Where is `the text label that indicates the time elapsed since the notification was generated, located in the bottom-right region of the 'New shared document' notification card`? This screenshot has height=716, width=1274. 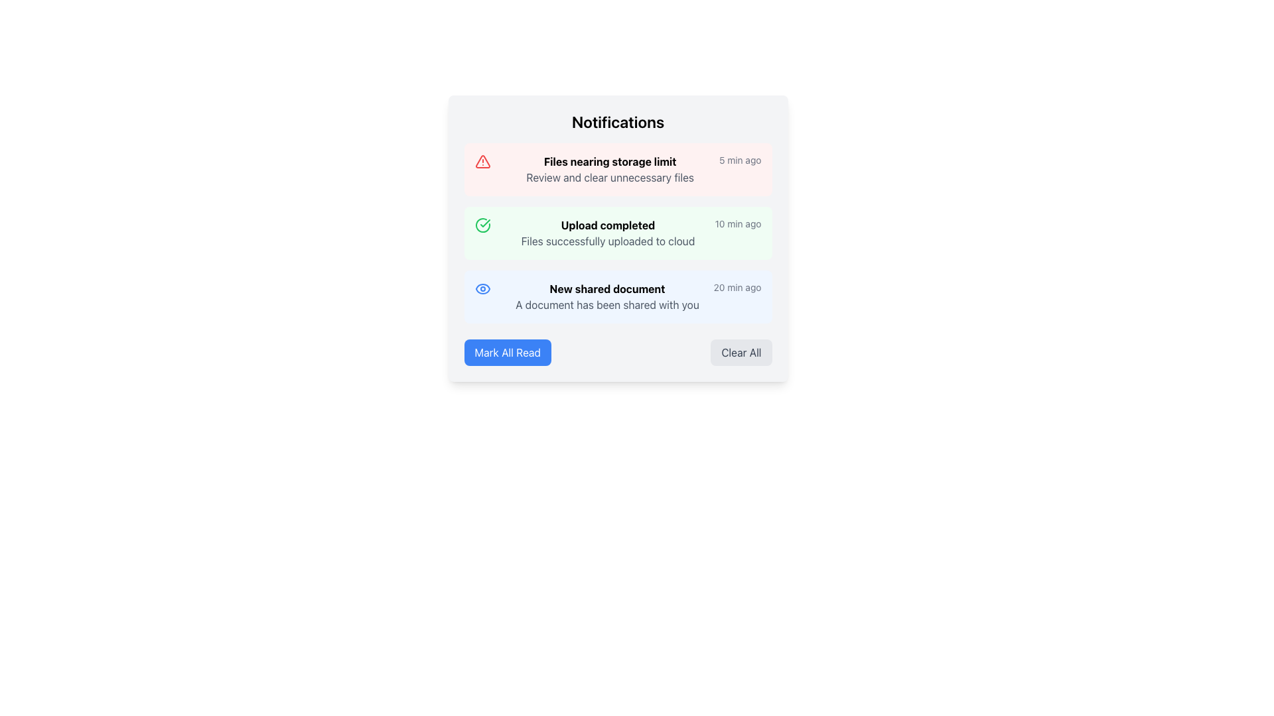
the text label that indicates the time elapsed since the notification was generated, located in the bottom-right region of the 'New shared document' notification card is located at coordinates (737, 287).